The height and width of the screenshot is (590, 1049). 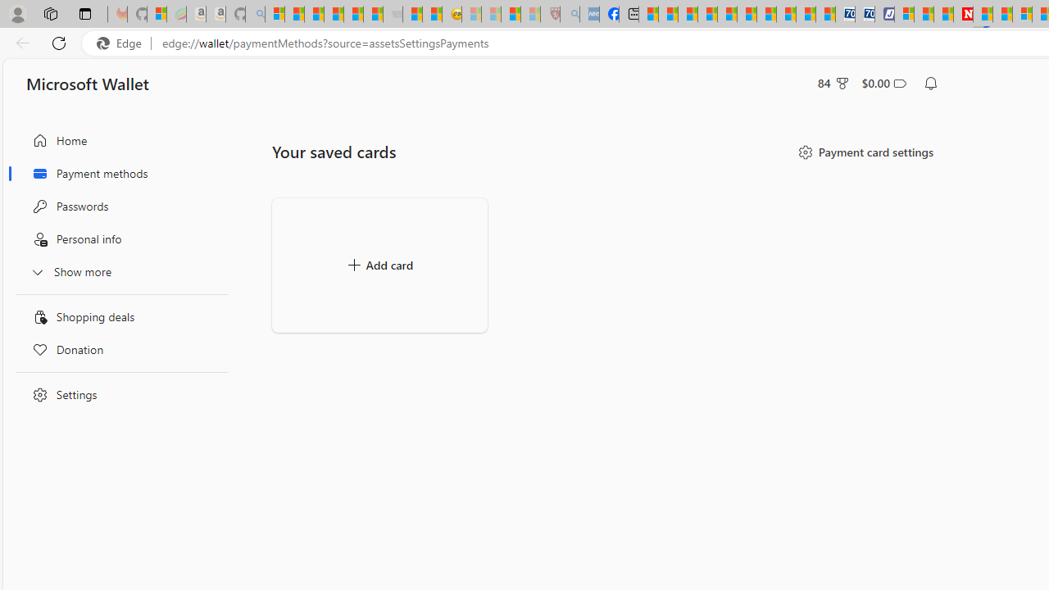 What do you see at coordinates (379, 265) in the screenshot?
I see `'Add card'` at bounding box center [379, 265].